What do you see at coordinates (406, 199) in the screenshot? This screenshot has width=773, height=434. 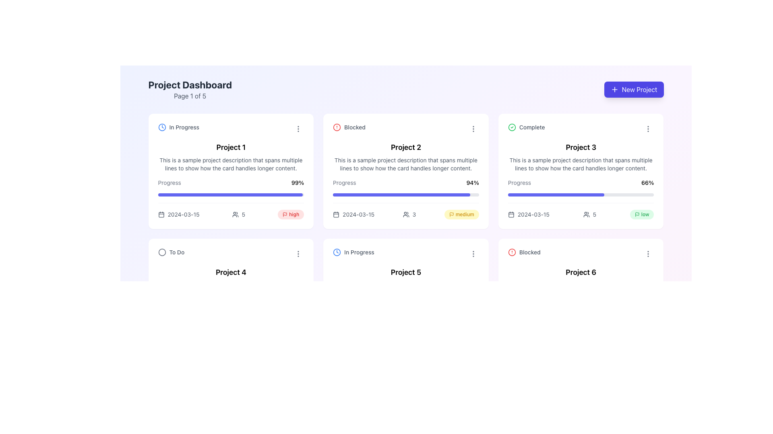 I see `the Progress Indicator with Text and Graphical Representation located below the title 'Project 2' to focus on it` at bounding box center [406, 199].